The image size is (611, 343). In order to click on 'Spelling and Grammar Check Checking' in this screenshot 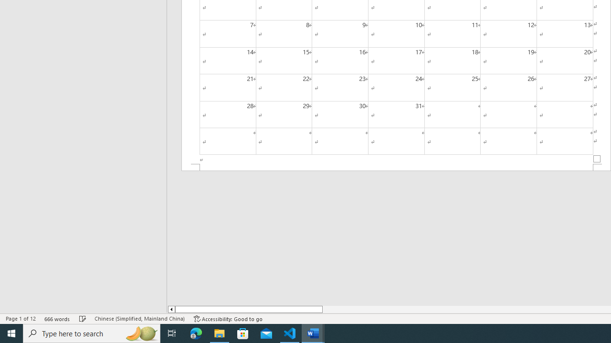, I will do `click(83, 319)`.